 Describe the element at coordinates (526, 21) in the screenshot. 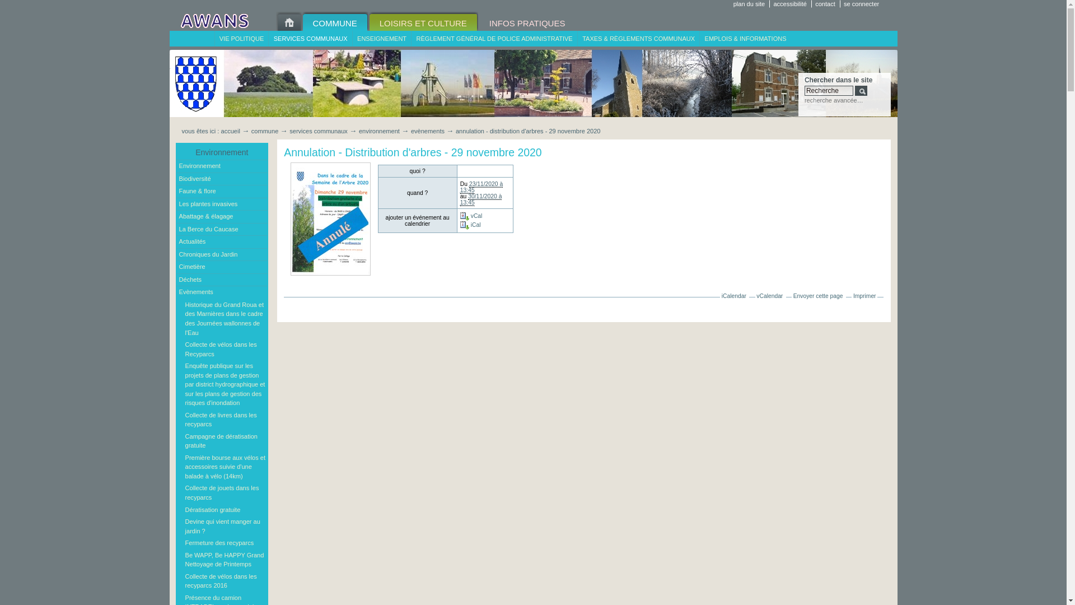

I see `'INFOS PRATIQUES'` at that location.